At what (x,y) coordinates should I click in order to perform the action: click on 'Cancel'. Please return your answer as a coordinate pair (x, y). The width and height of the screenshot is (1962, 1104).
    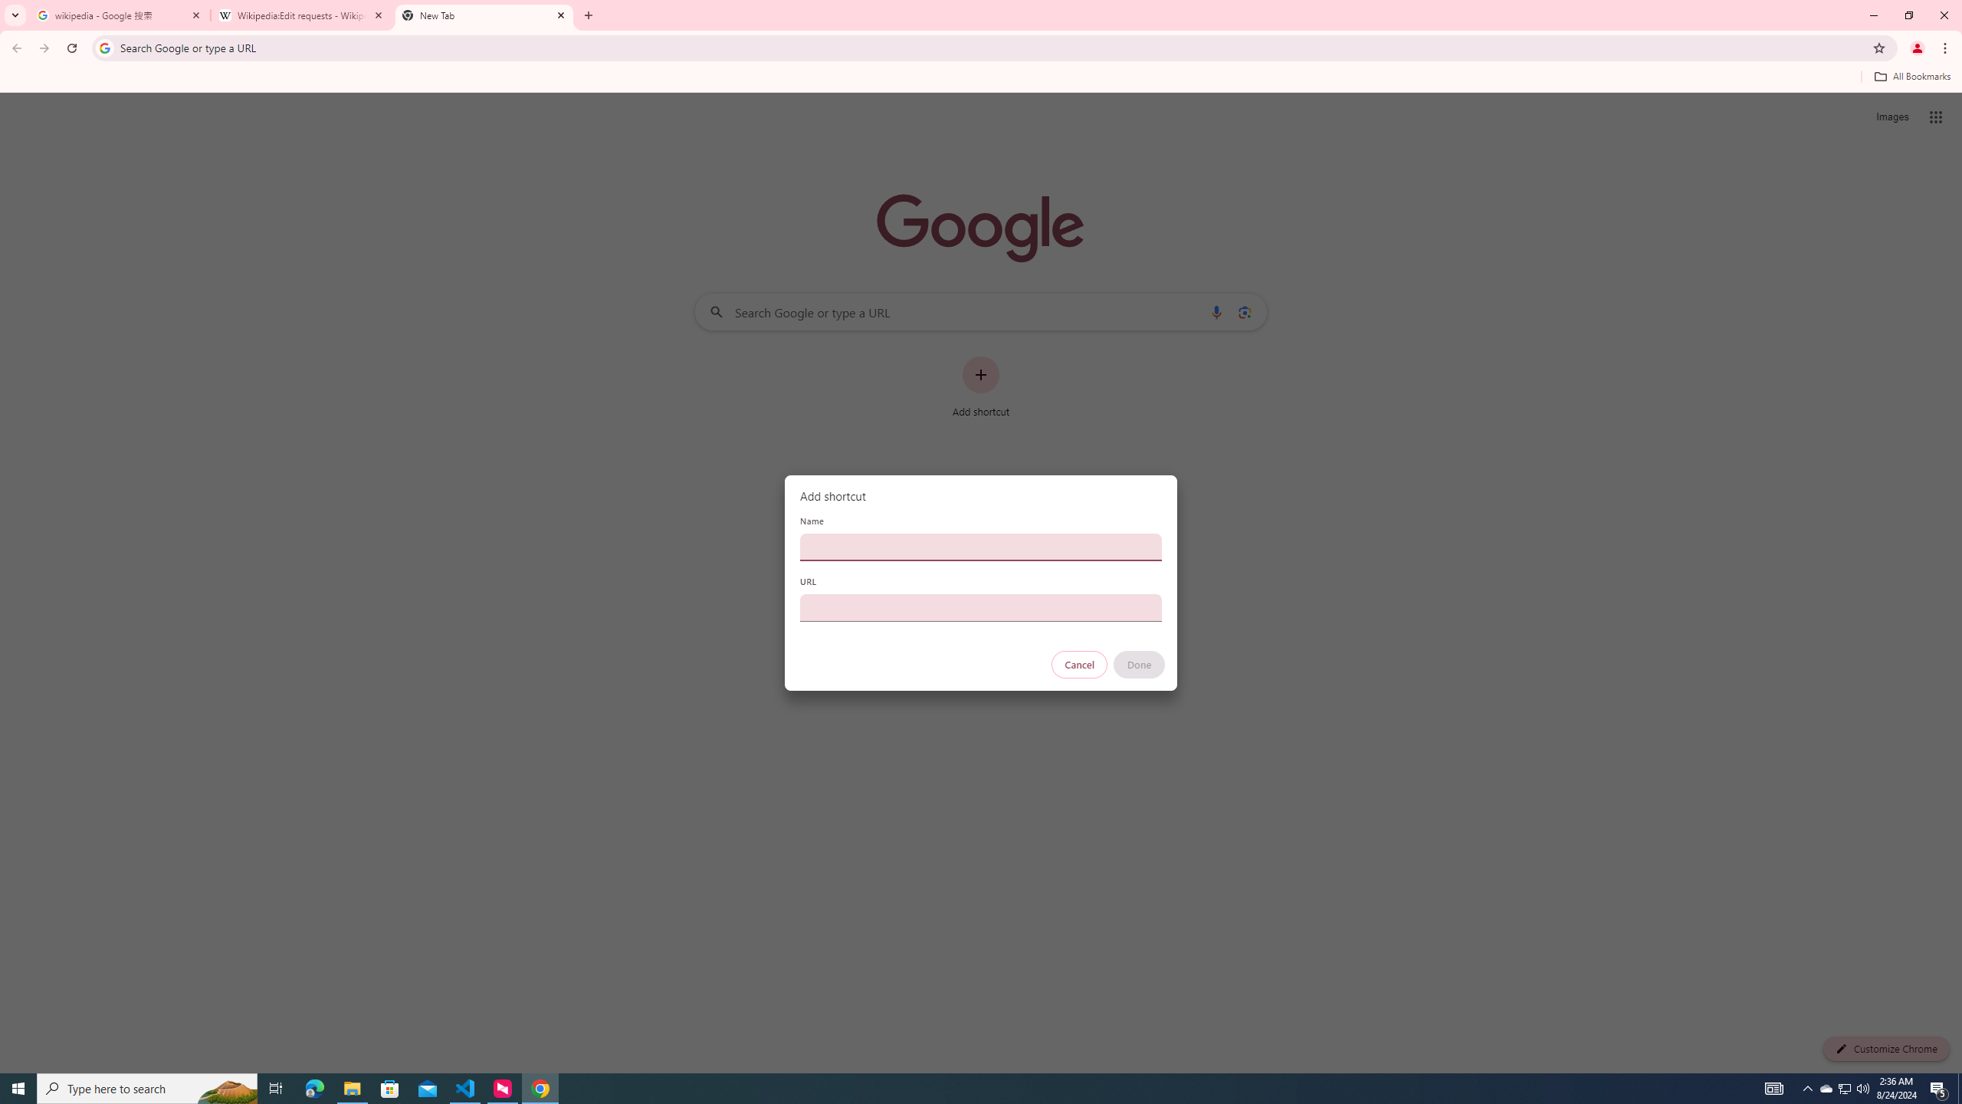
    Looking at the image, I should click on (1080, 664).